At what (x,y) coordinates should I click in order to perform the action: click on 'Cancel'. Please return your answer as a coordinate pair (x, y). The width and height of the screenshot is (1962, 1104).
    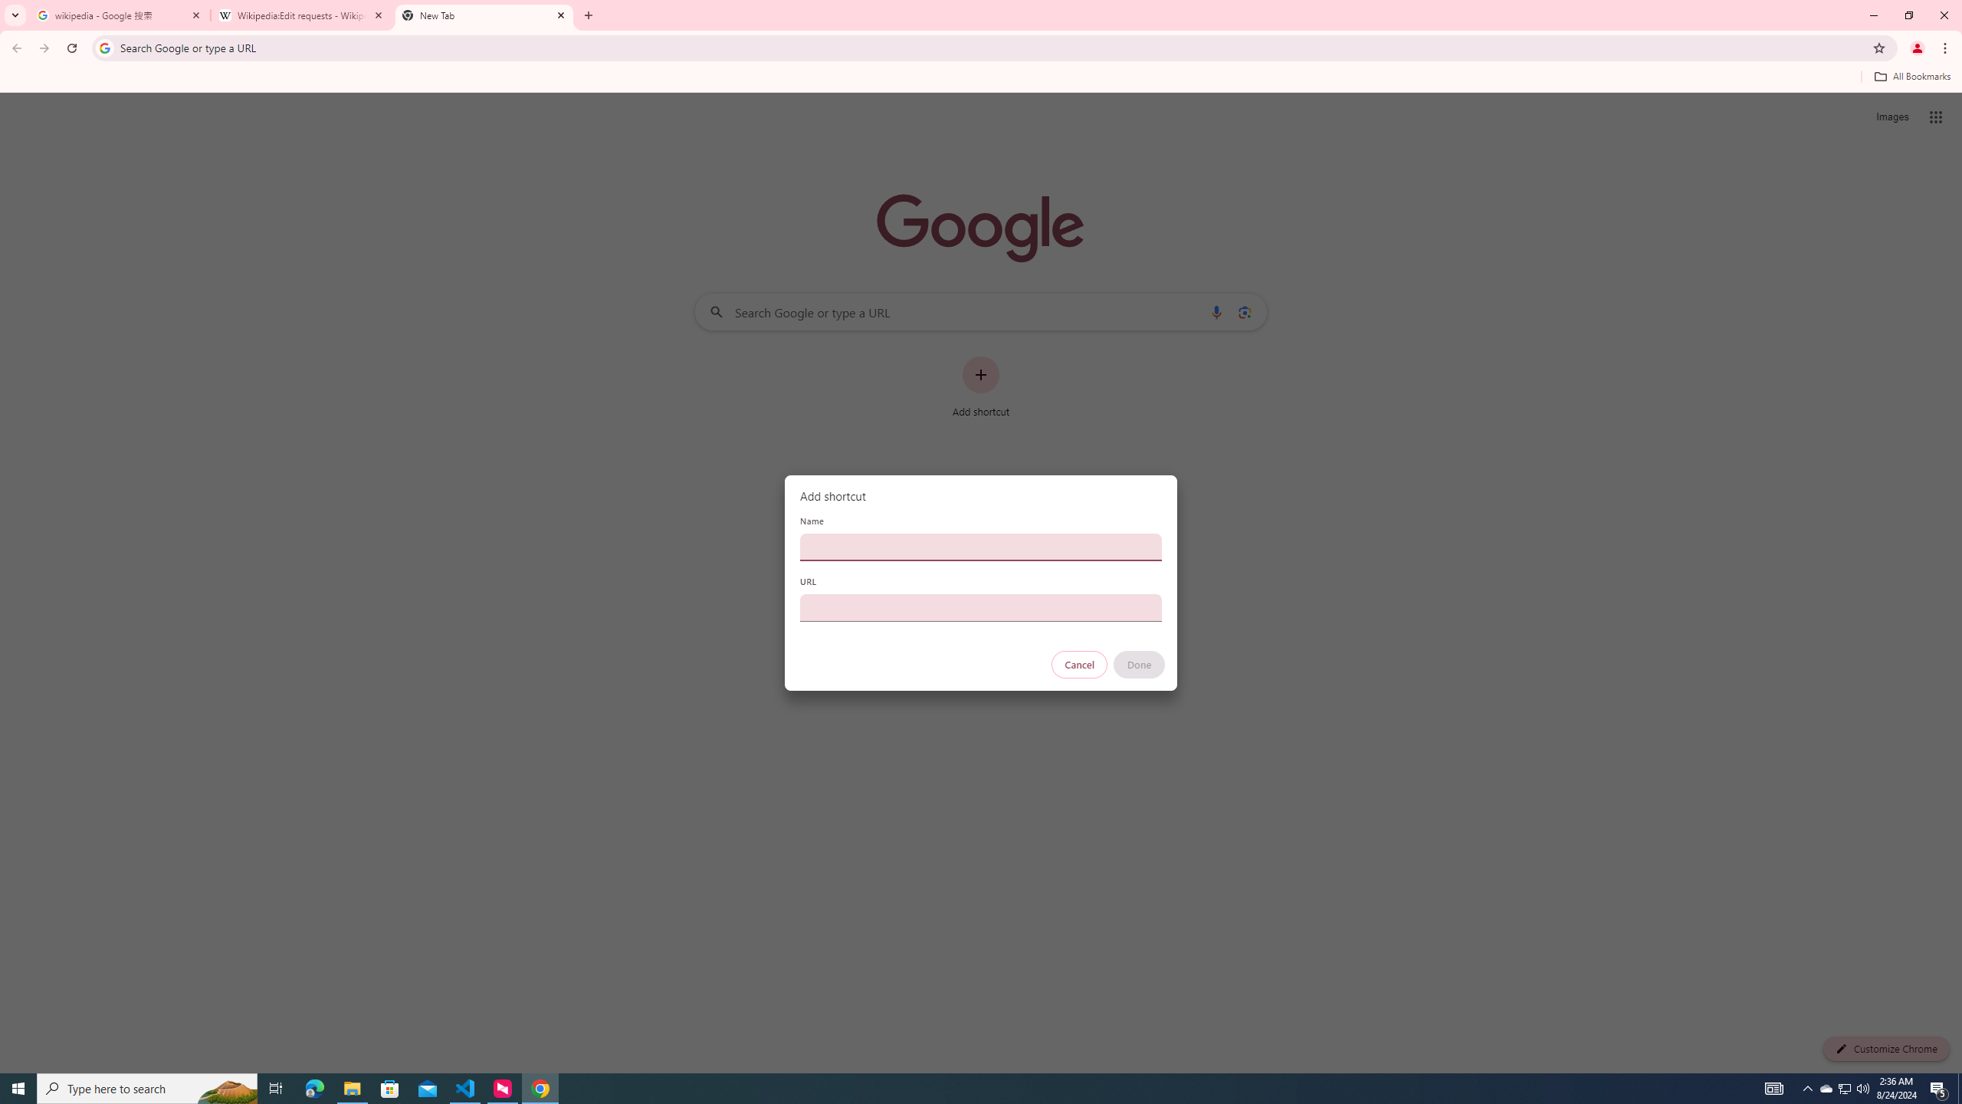
    Looking at the image, I should click on (1080, 664).